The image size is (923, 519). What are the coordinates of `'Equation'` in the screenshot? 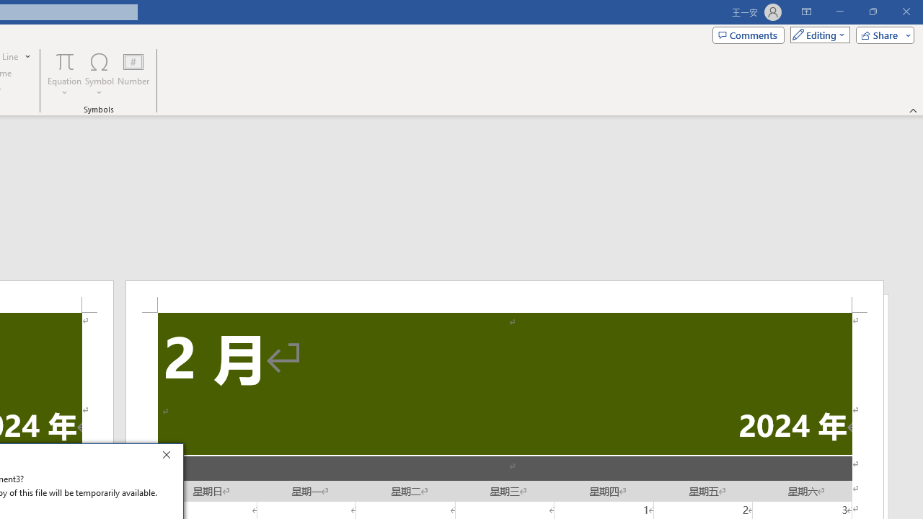 It's located at (64, 61).